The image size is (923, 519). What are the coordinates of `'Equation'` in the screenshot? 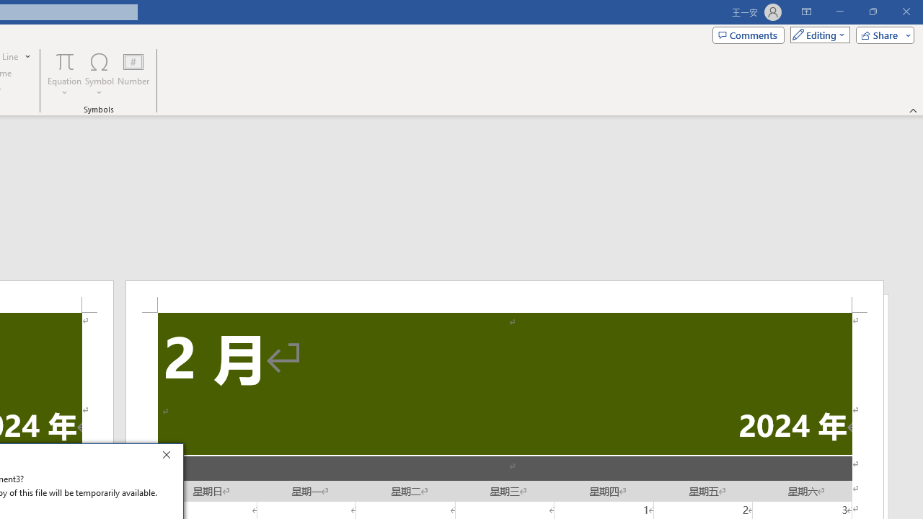 It's located at (64, 61).